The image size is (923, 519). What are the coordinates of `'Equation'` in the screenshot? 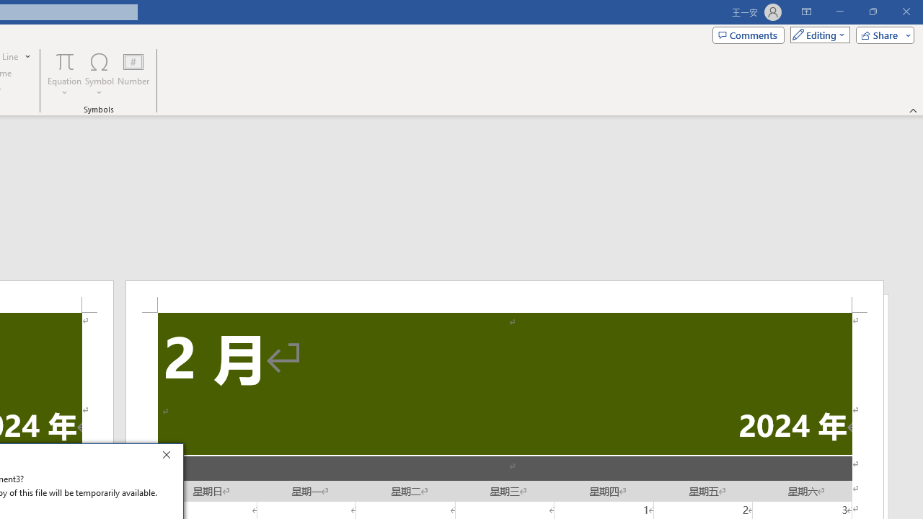 It's located at (64, 61).